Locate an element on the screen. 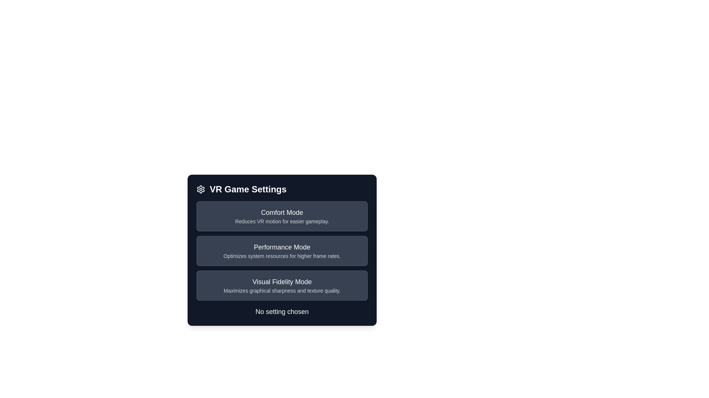 The height and width of the screenshot is (398, 709). the first selectable option in the 'VR Game Settings' menu is located at coordinates (281, 216).